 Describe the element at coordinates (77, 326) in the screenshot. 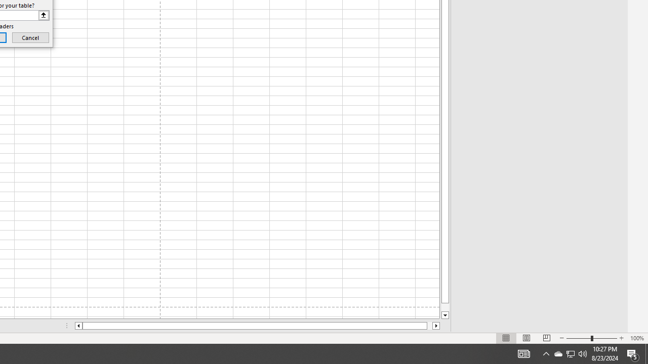

I see `'Column left'` at that location.